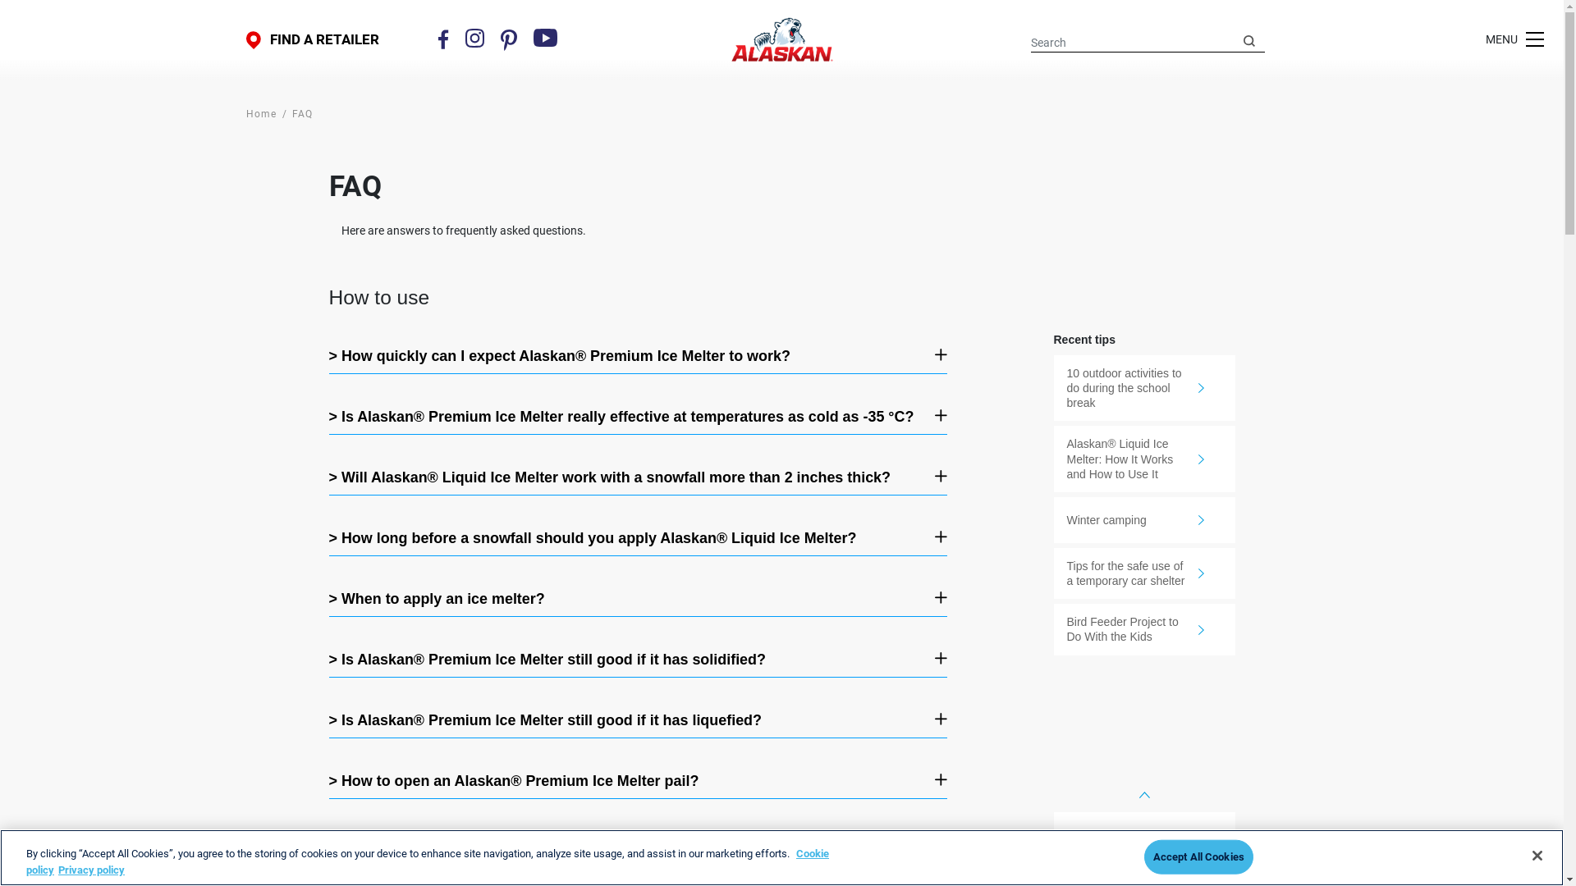  What do you see at coordinates (625, 599) in the screenshot?
I see `'> When to apply an ice melter?'` at bounding box center [625, 599].